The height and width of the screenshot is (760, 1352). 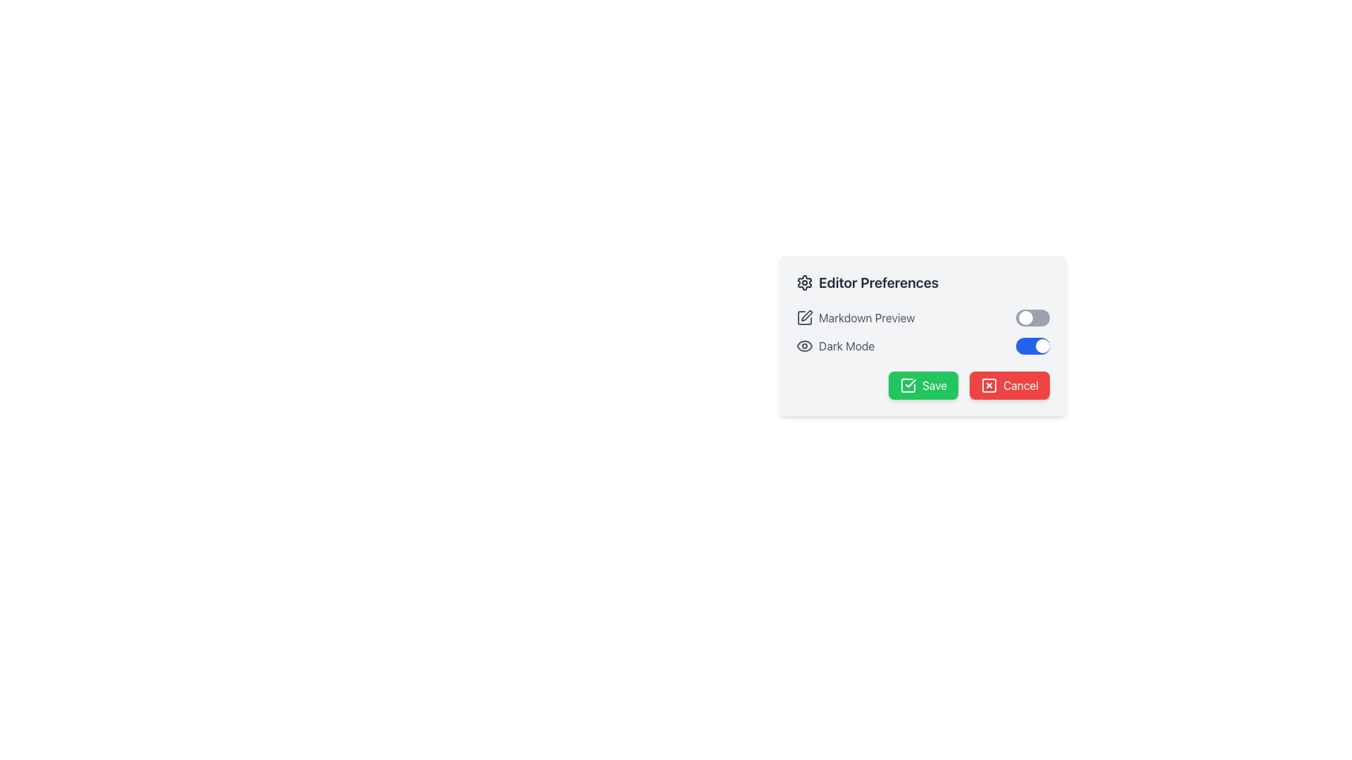 What do you see at coordinates (835, 346) in the screenshot?
I see `the 'Dark Mode' text label which describes the toggle switch functionality to its right in the 'Editor Preferences' section` at bounding box center [835, 346].